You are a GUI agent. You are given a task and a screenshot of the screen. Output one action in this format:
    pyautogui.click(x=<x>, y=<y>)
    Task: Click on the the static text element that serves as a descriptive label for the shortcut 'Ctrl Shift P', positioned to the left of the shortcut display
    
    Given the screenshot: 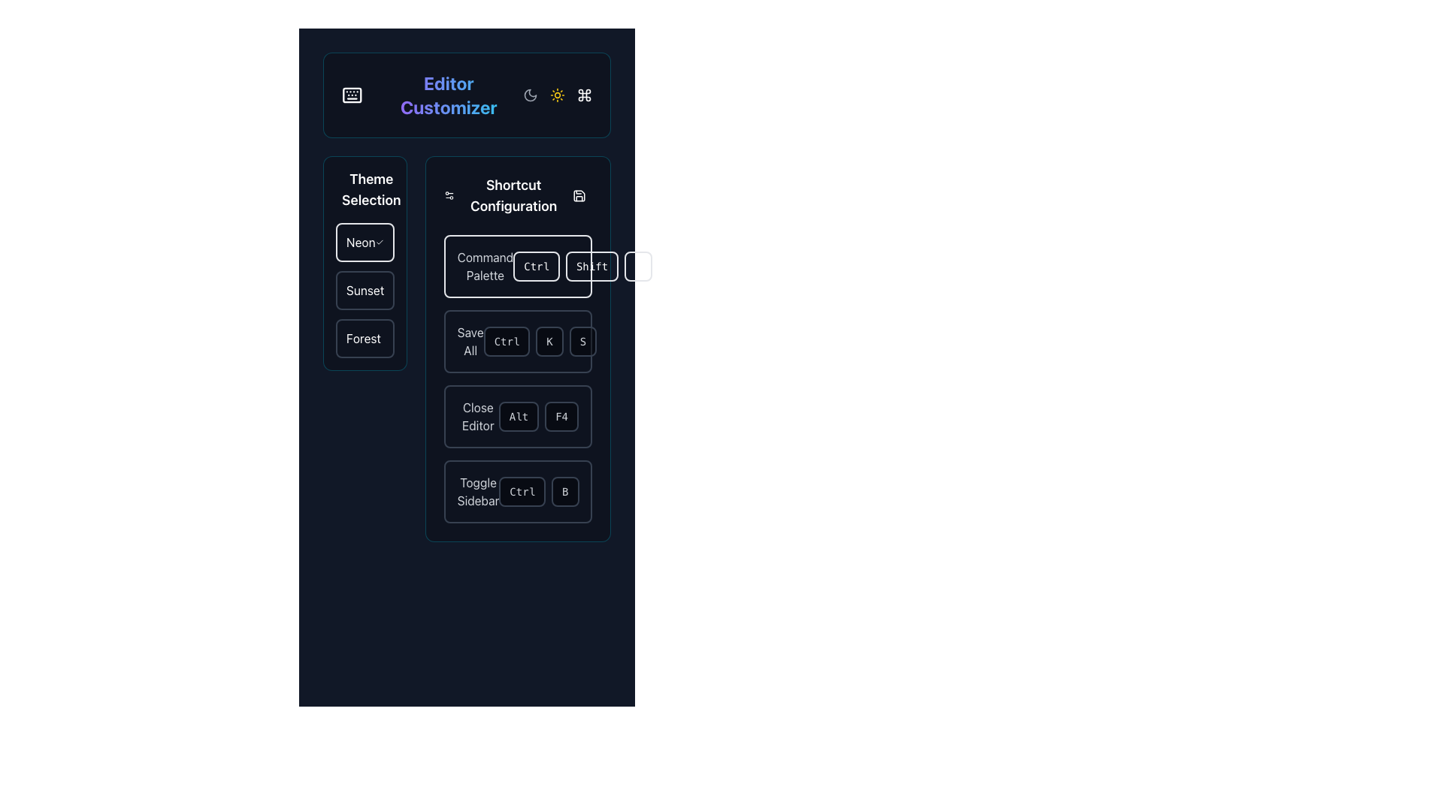 What is the action you would take?
    pyautogui.click(x=485, y=265)
    